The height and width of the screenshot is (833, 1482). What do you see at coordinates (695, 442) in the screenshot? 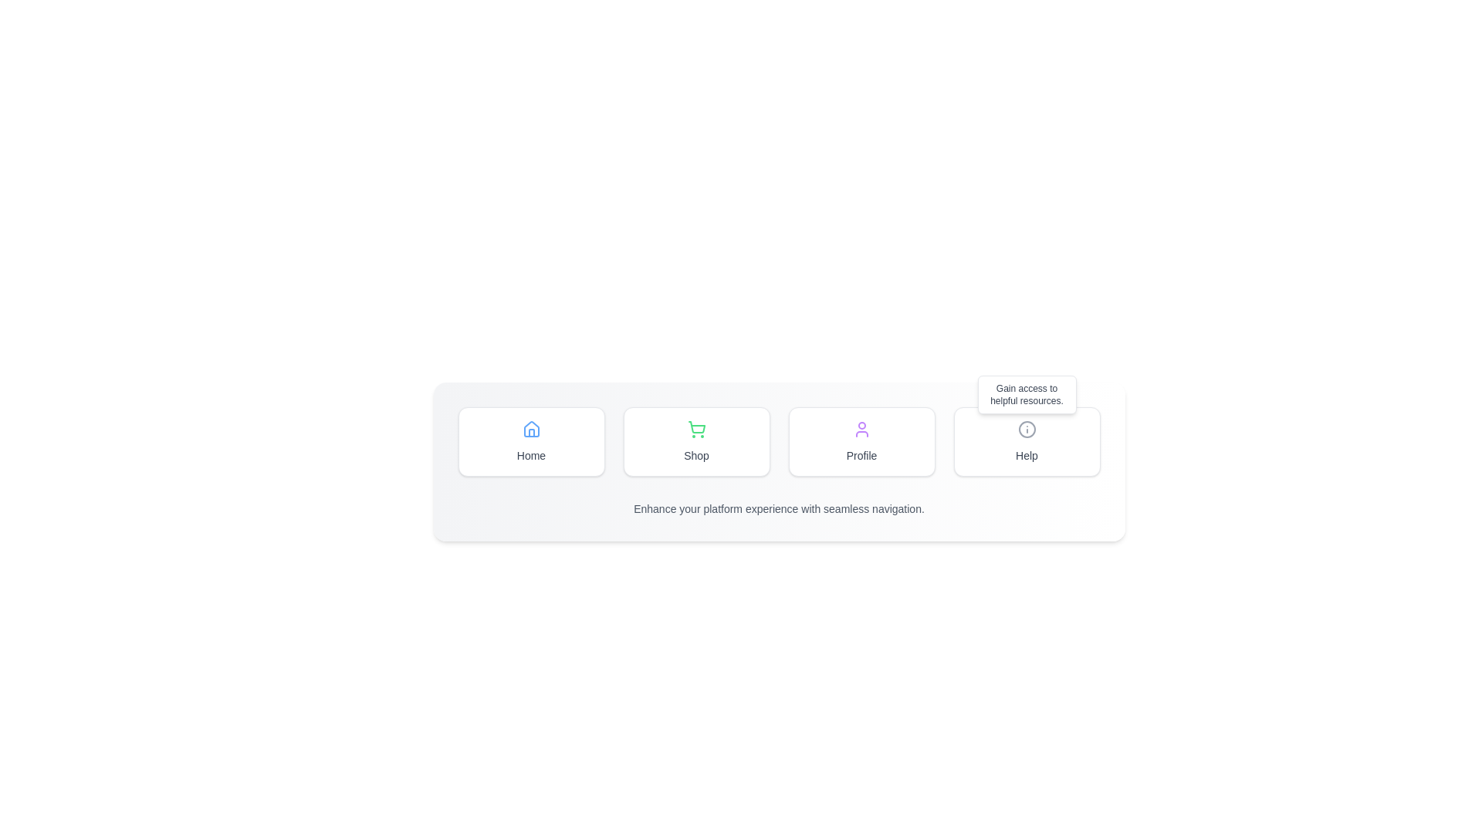
I see `the green shopping cart button labeled 'Shop'` at bounding box center [695, 442].